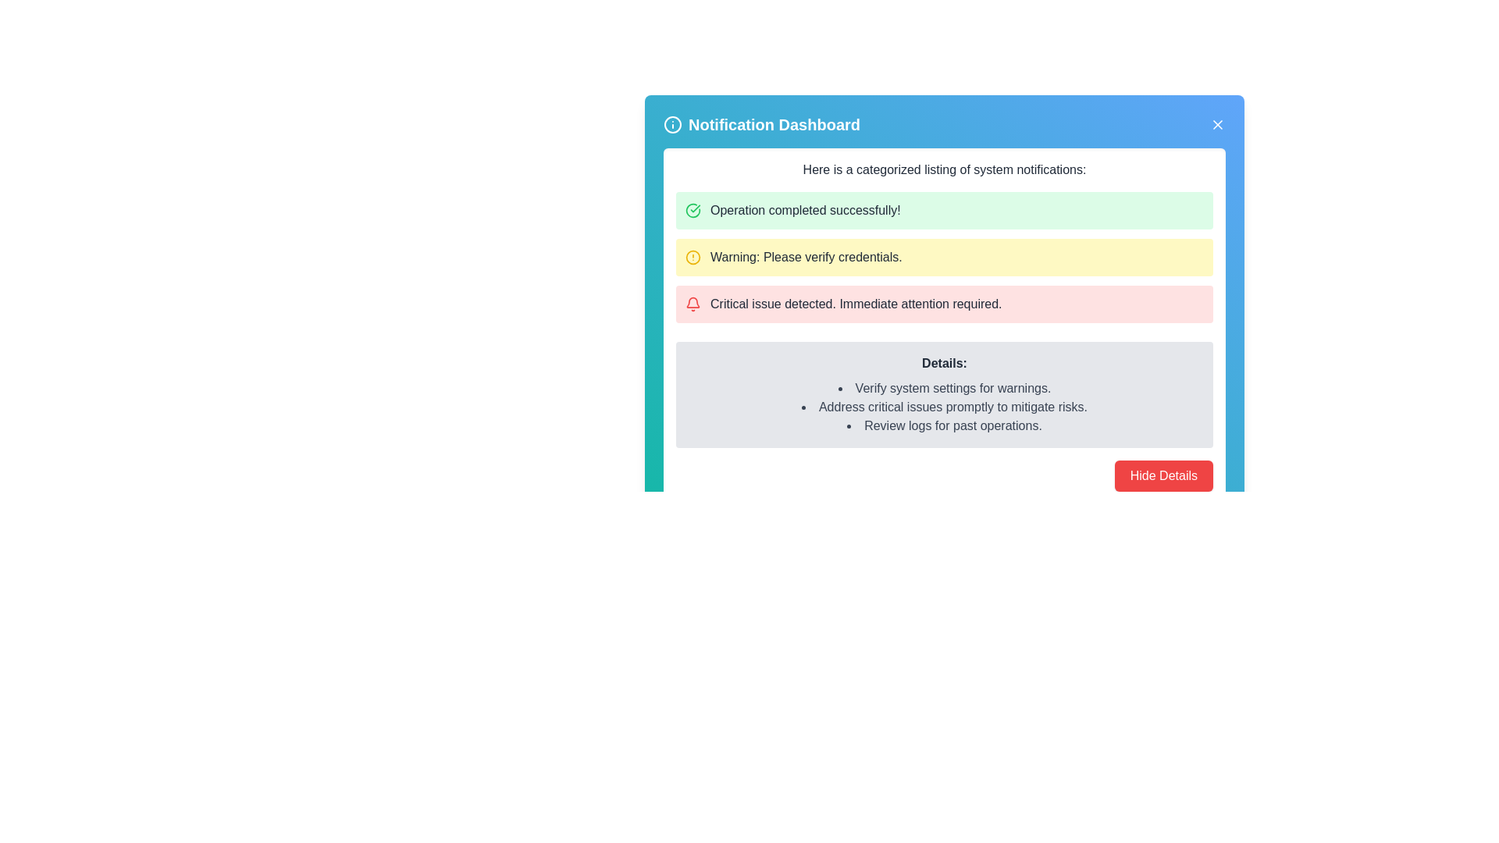  What do you see at coordinates (774, 123) in the screenshot?
I see `the title text 'Notification Dashboard', which is styled in bold and large font, displayed in white on a blue background, located at the top center of the UI` at bounding box center [774, 123].